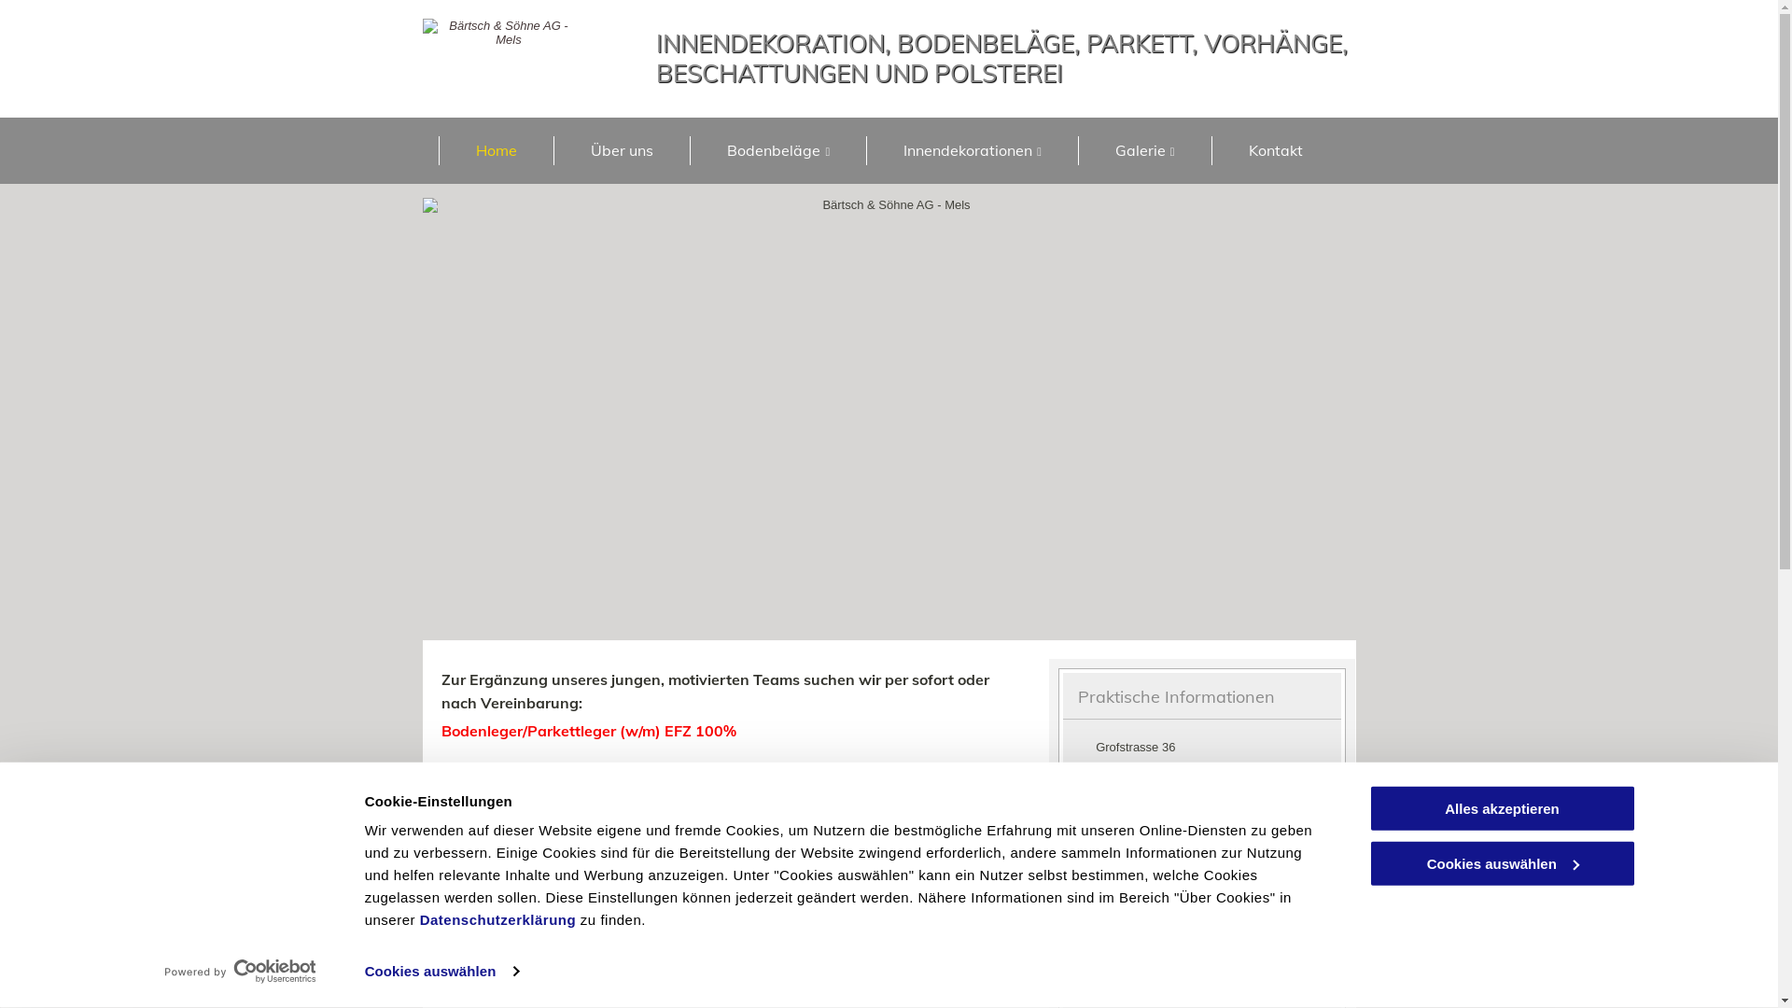 The image size is (1792, 1008). Describe the element at coordinates (1143, 149) in the screenshot. I see `'Galerie'` at that location.